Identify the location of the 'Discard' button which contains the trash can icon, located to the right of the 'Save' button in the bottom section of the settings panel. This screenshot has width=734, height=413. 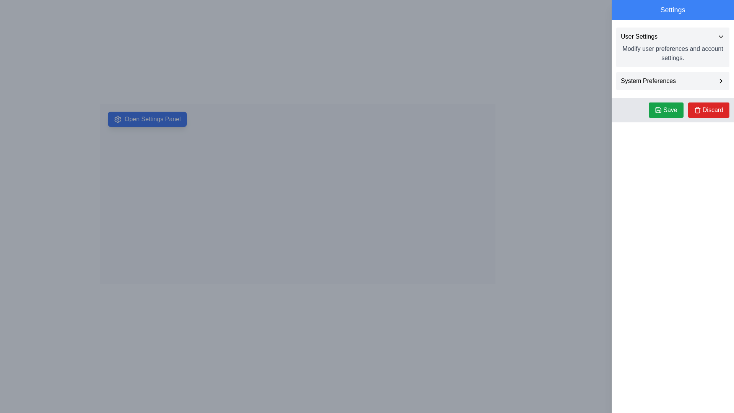
(697, 110).